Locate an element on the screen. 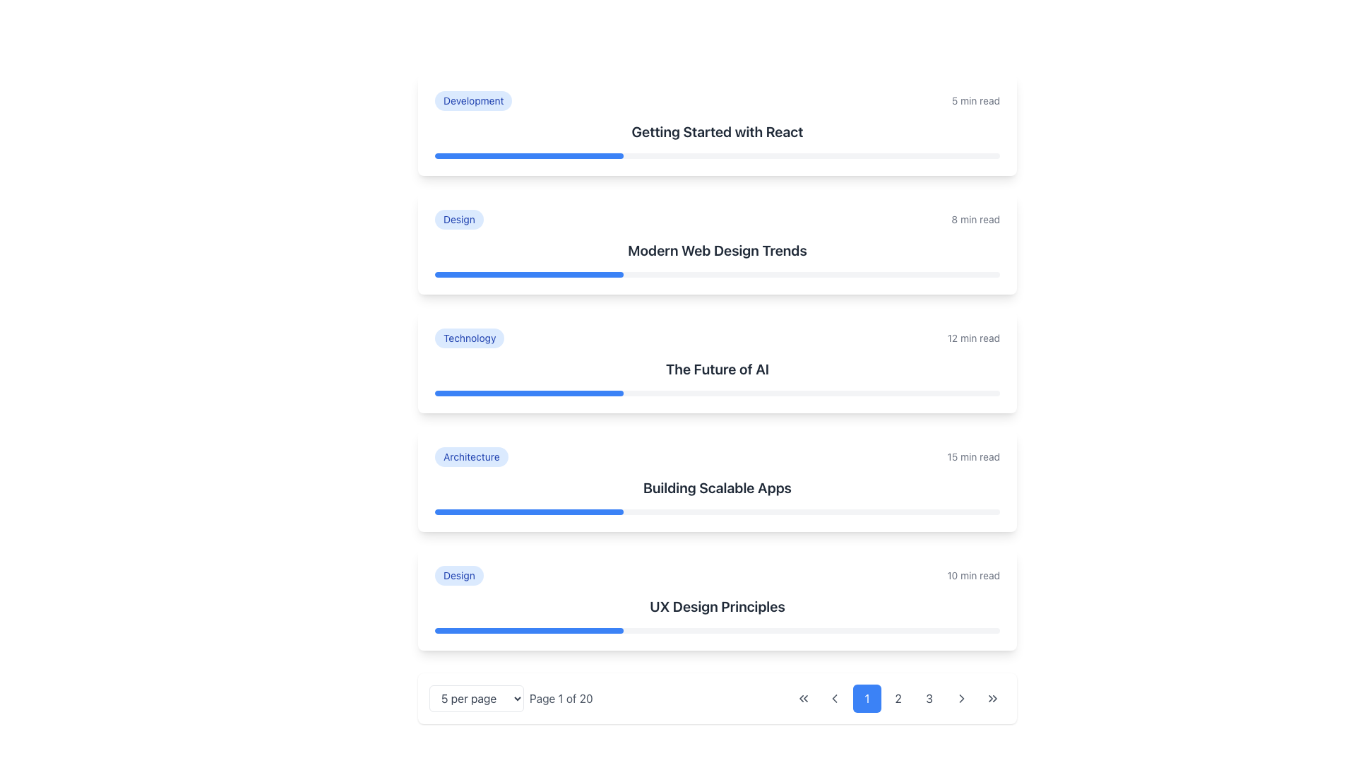 The width and height of the screenshot is (1356, 763). progress is located at coordinates (965, 275).